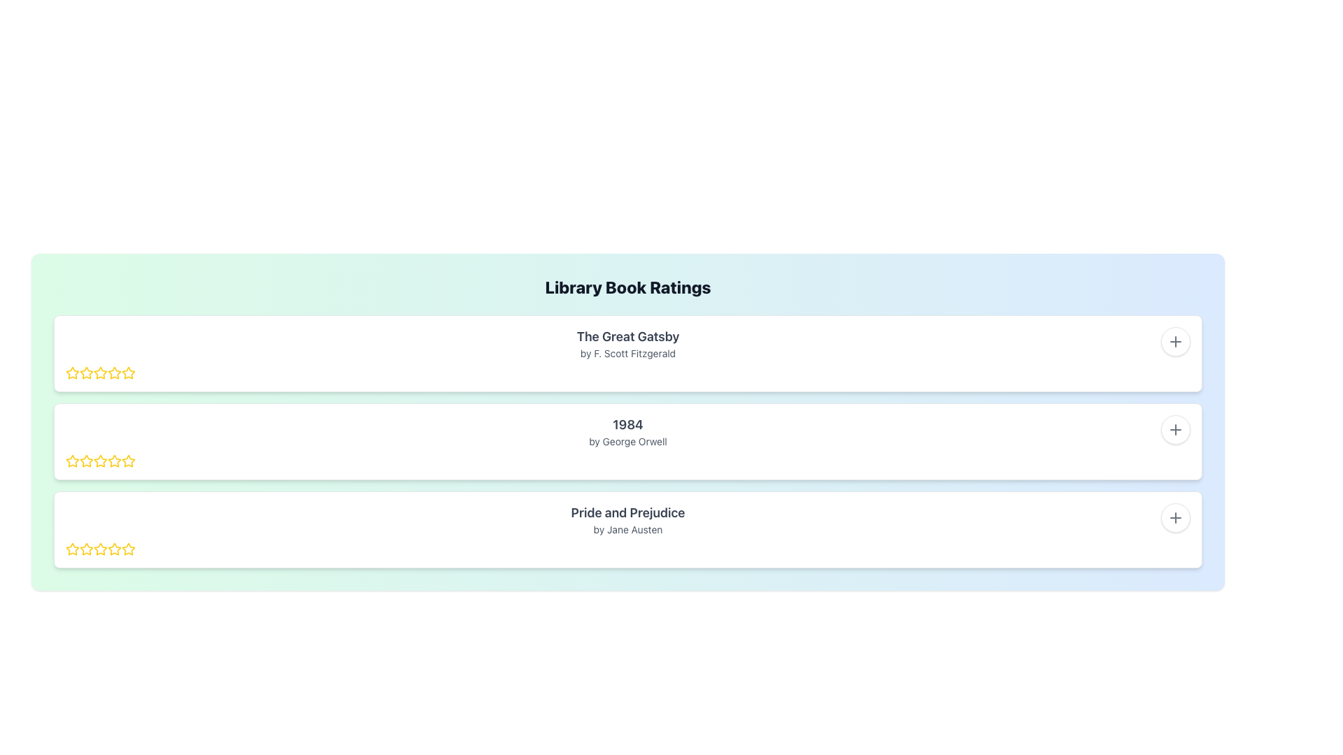 This screenshot has height=755, width=1343. I want to click on the button located, so click(1175, 342).